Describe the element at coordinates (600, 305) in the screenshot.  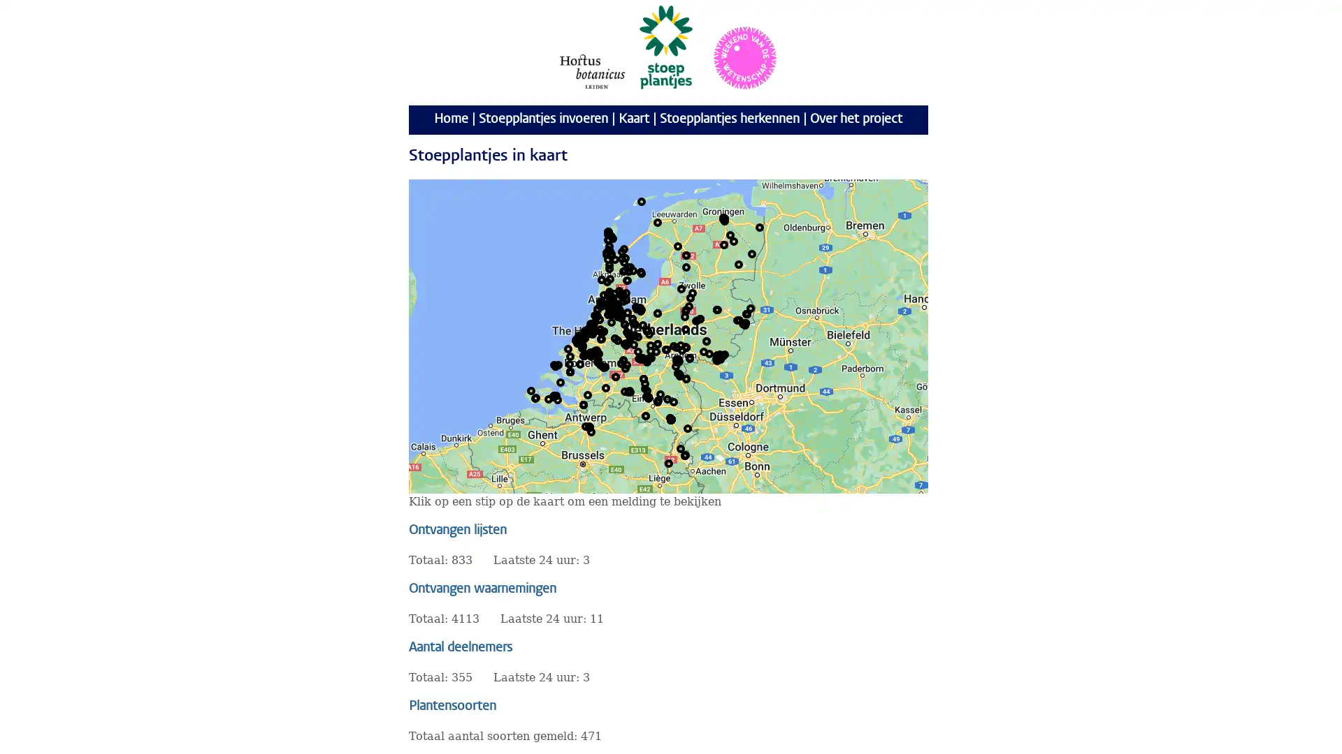
I see `Telling van Truus Schijf op 05 juni 2022` at that location.